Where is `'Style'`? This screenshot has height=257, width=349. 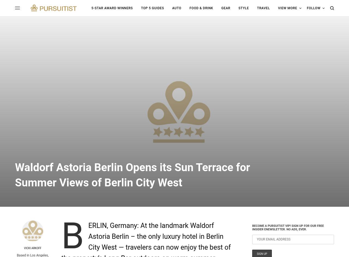
'Style' is located at coordinates (243, 8).